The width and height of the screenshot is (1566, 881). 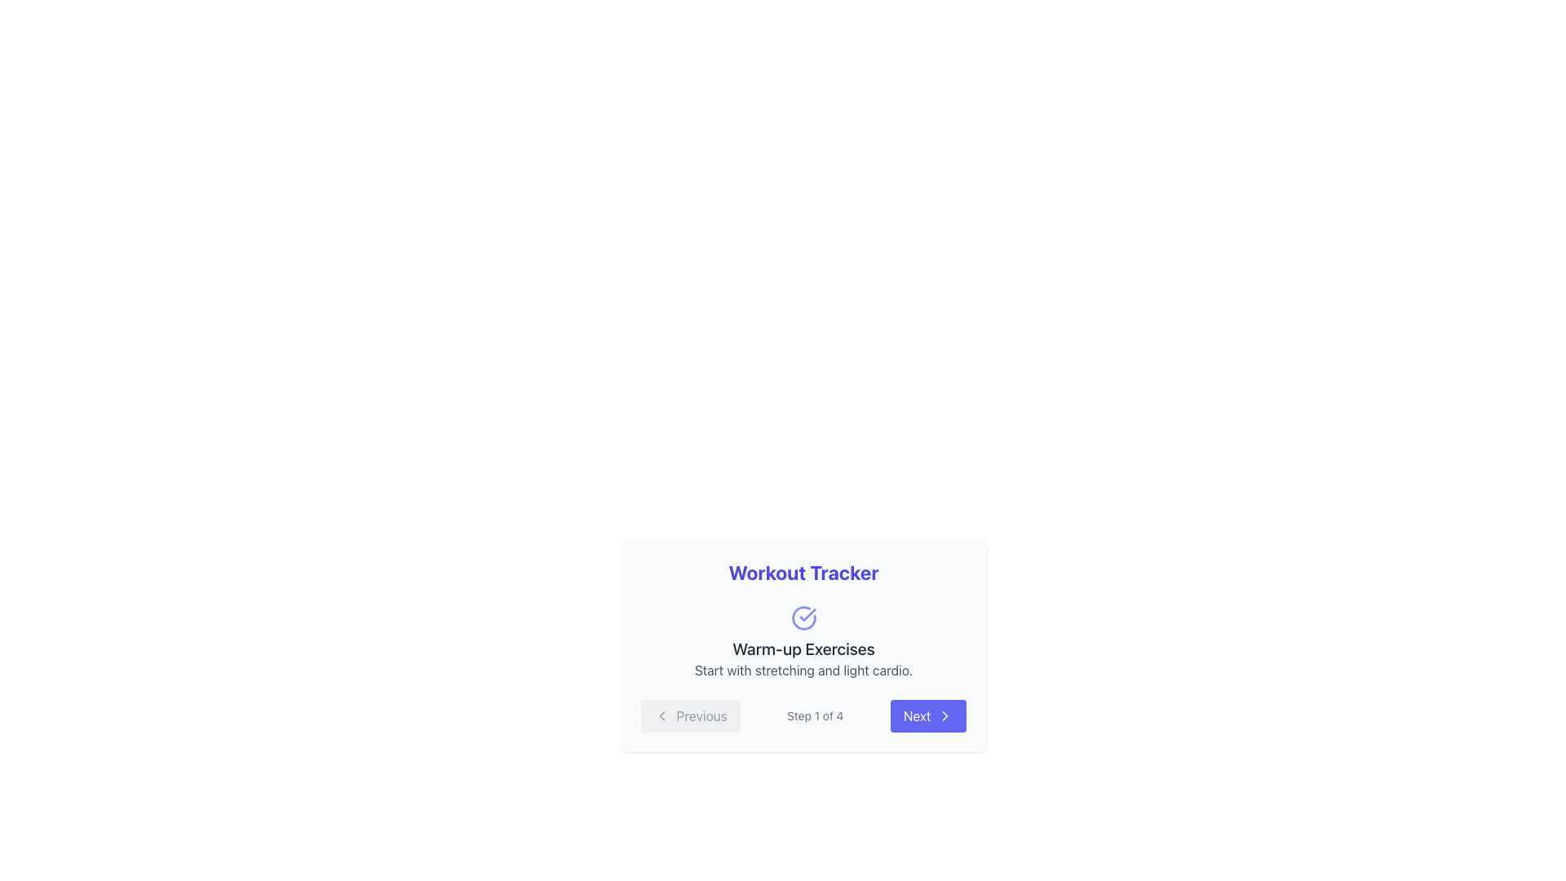 What do you see at coordinates (661, 715) in the screenshot?
I see `the backward navigation icon located within the 'Previous' button on the lower-left side of the interface` at bounding box center [661, 715].